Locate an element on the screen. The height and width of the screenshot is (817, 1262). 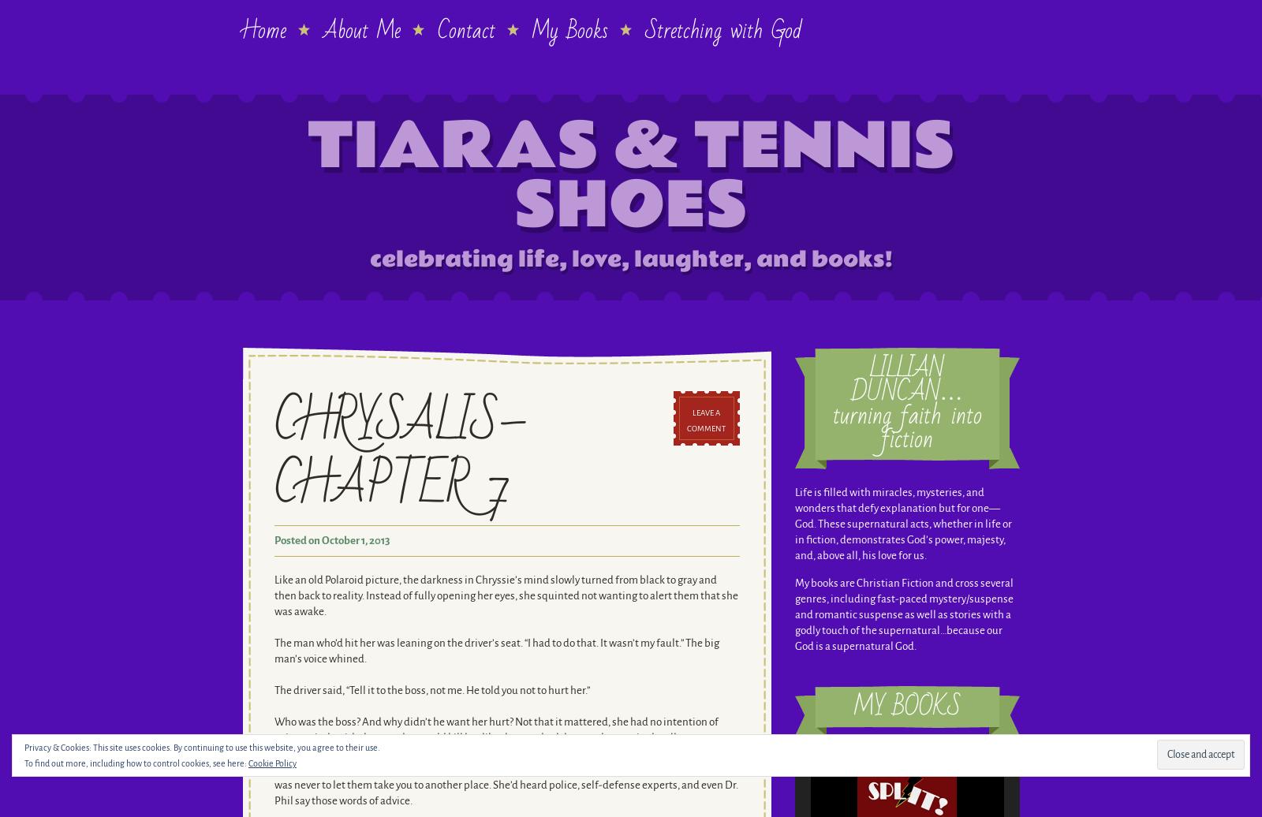
'LILLIAN DUNCAN… turning faith into fiction' is located at coordinates (906, 404).